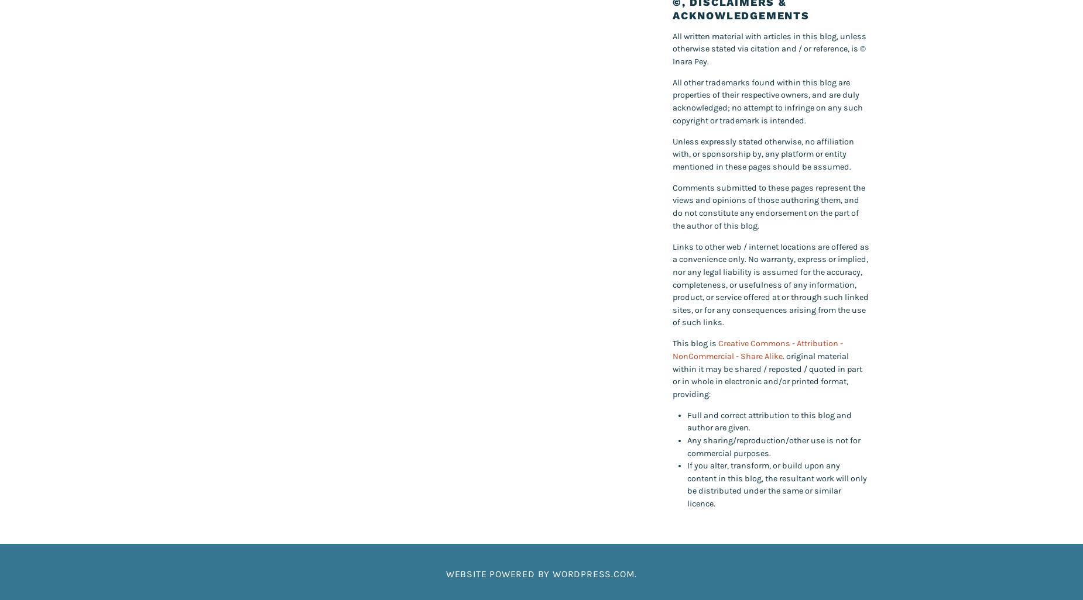  What do you see at coordinates (766, 375) in the screenshot?
I see `'. original material within it may be shared / reposted / quoted in part or in whole in electronic and/or printed format, providing:'` at bounding box center [766, 375].